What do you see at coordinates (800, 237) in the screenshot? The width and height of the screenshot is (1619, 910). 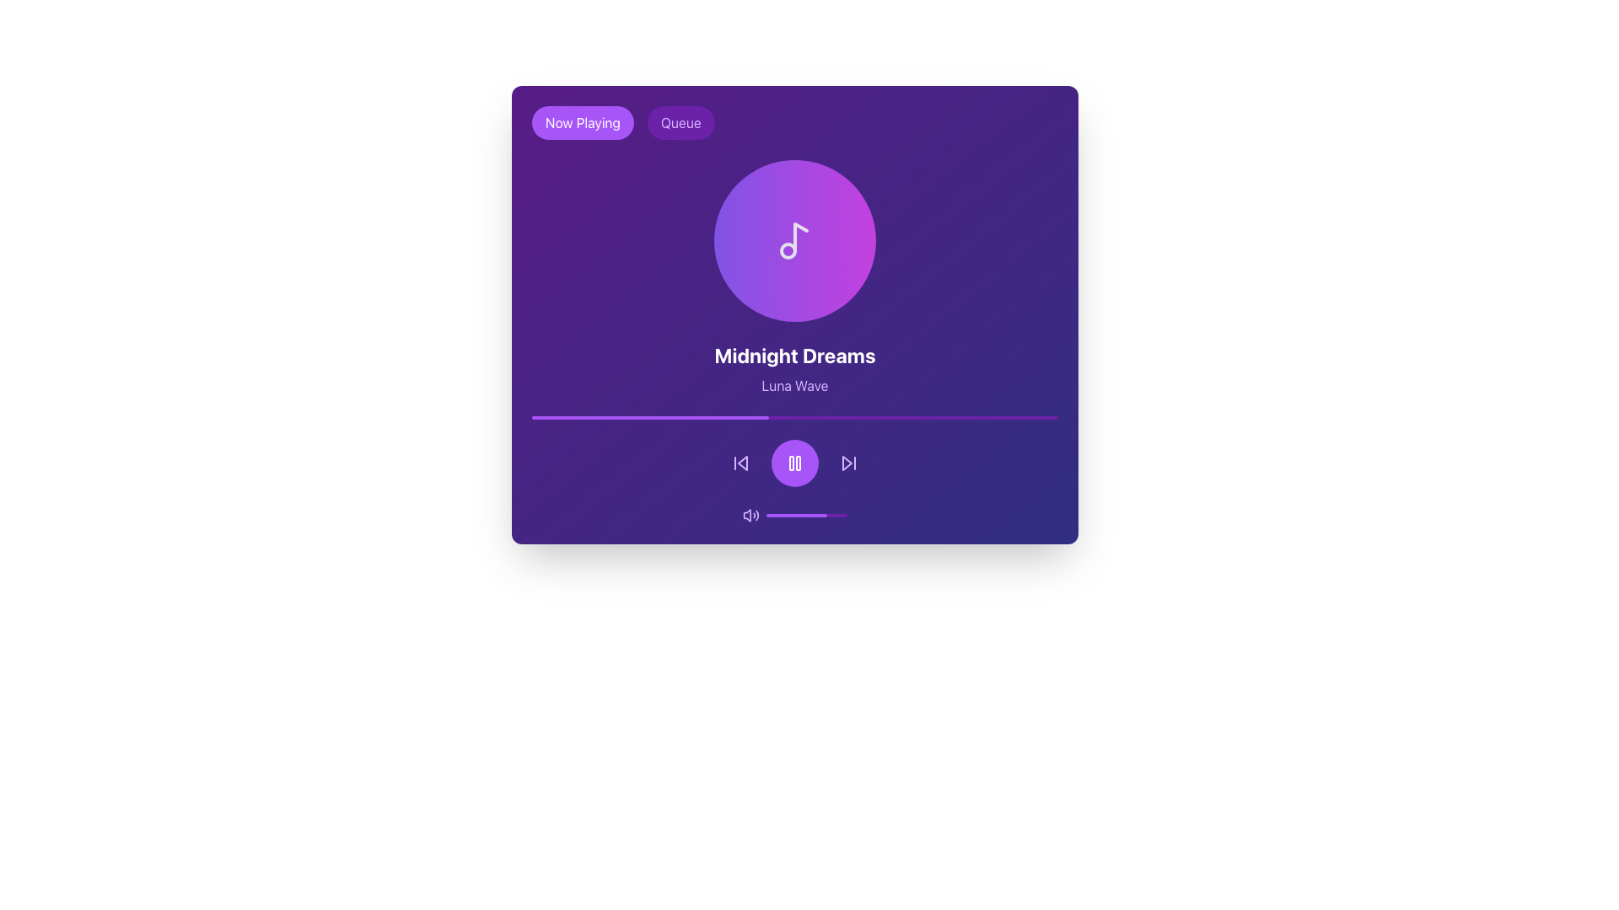 I see `the second part of the musical note icon, which is the straight vertical line with a triangular extension representing the note head and the flag, located at the center of the interface` at bounding box center [800, 237].